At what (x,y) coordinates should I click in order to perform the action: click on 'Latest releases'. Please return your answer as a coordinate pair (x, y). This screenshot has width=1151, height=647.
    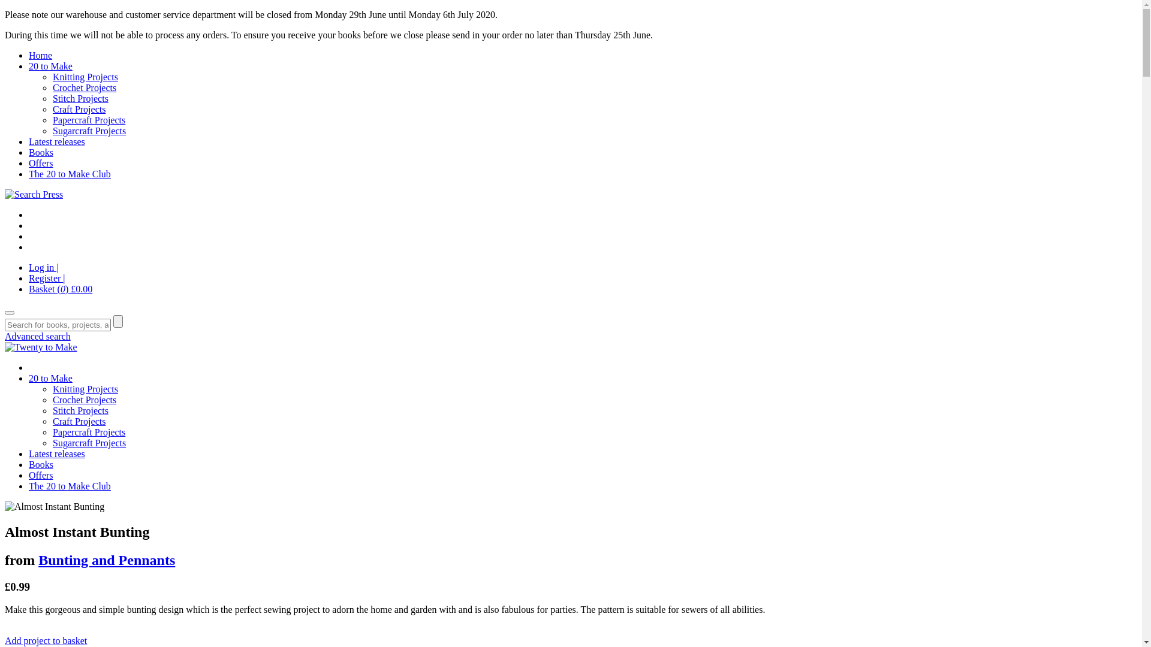
    Looking at the image, I should click on (56, 453).